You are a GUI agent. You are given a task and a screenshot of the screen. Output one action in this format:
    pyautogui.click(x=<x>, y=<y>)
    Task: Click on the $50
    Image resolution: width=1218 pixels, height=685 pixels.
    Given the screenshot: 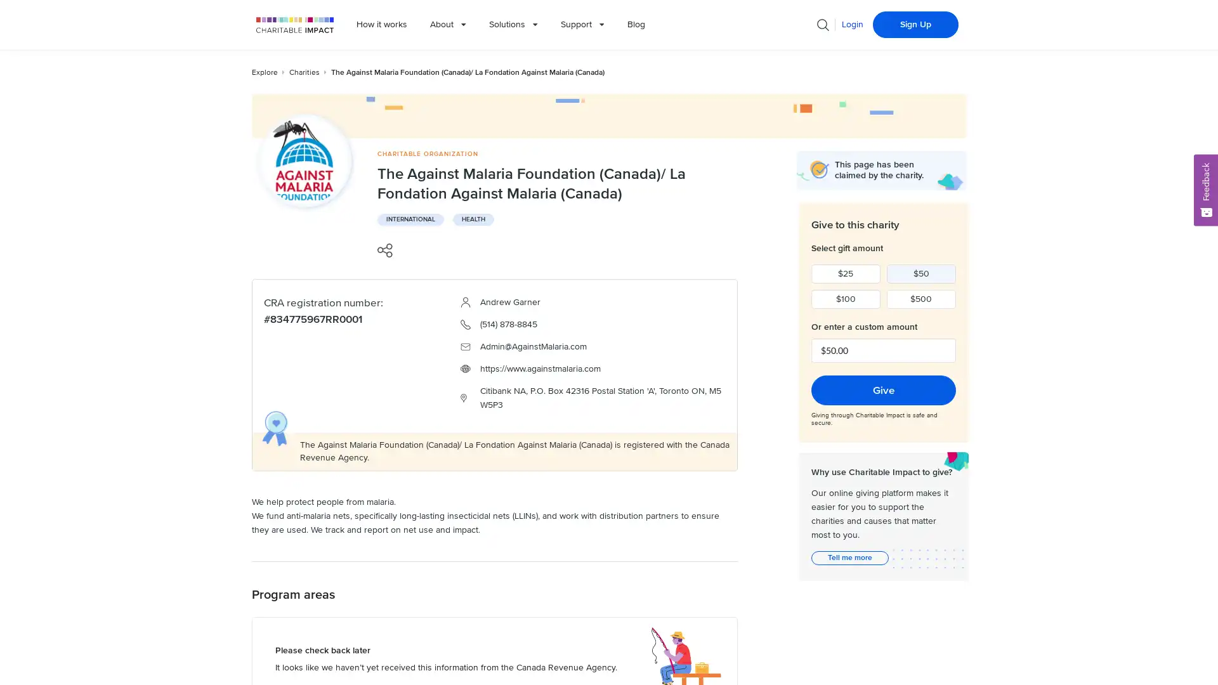 What is the action you would take?
    pyautogui.click(x=920, y=273)
    